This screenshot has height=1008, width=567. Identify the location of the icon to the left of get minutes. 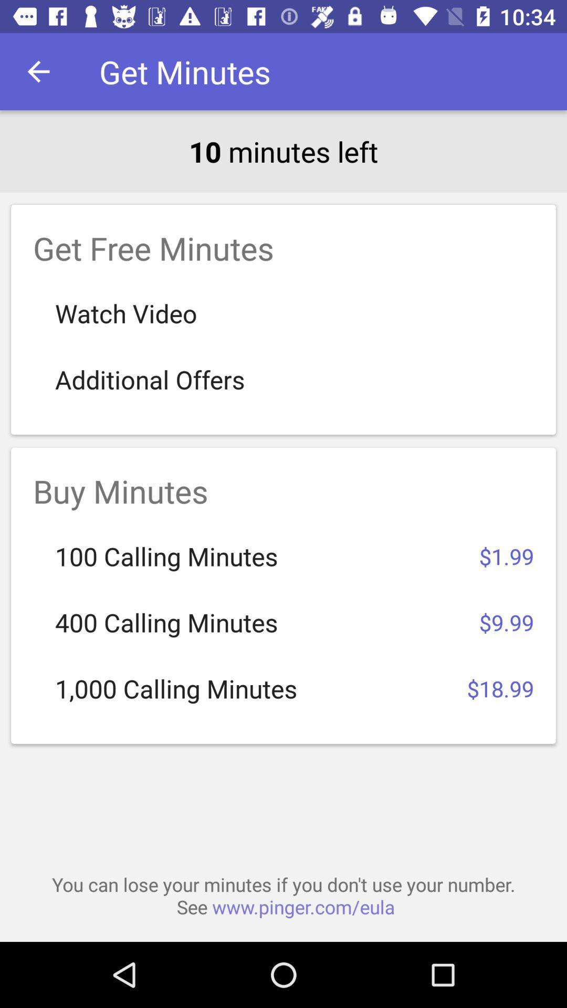
(38, 71).